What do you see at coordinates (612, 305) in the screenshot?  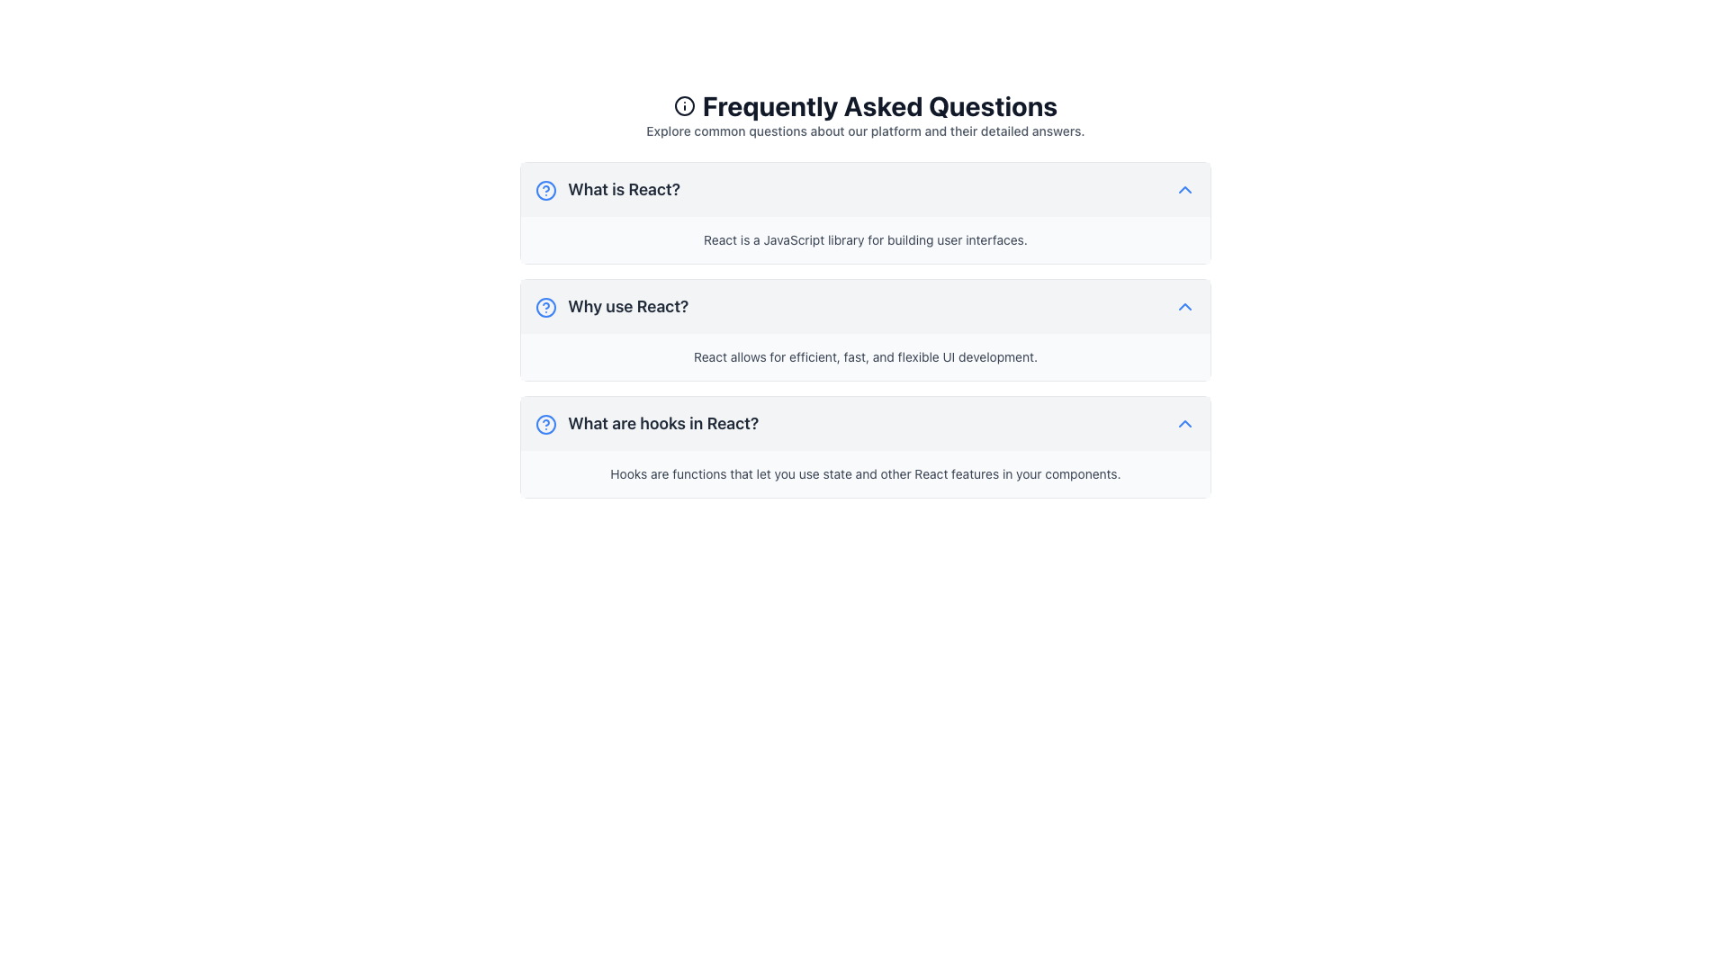 I see `the text label 'Why use React?'` at bounding box center [612, 305].